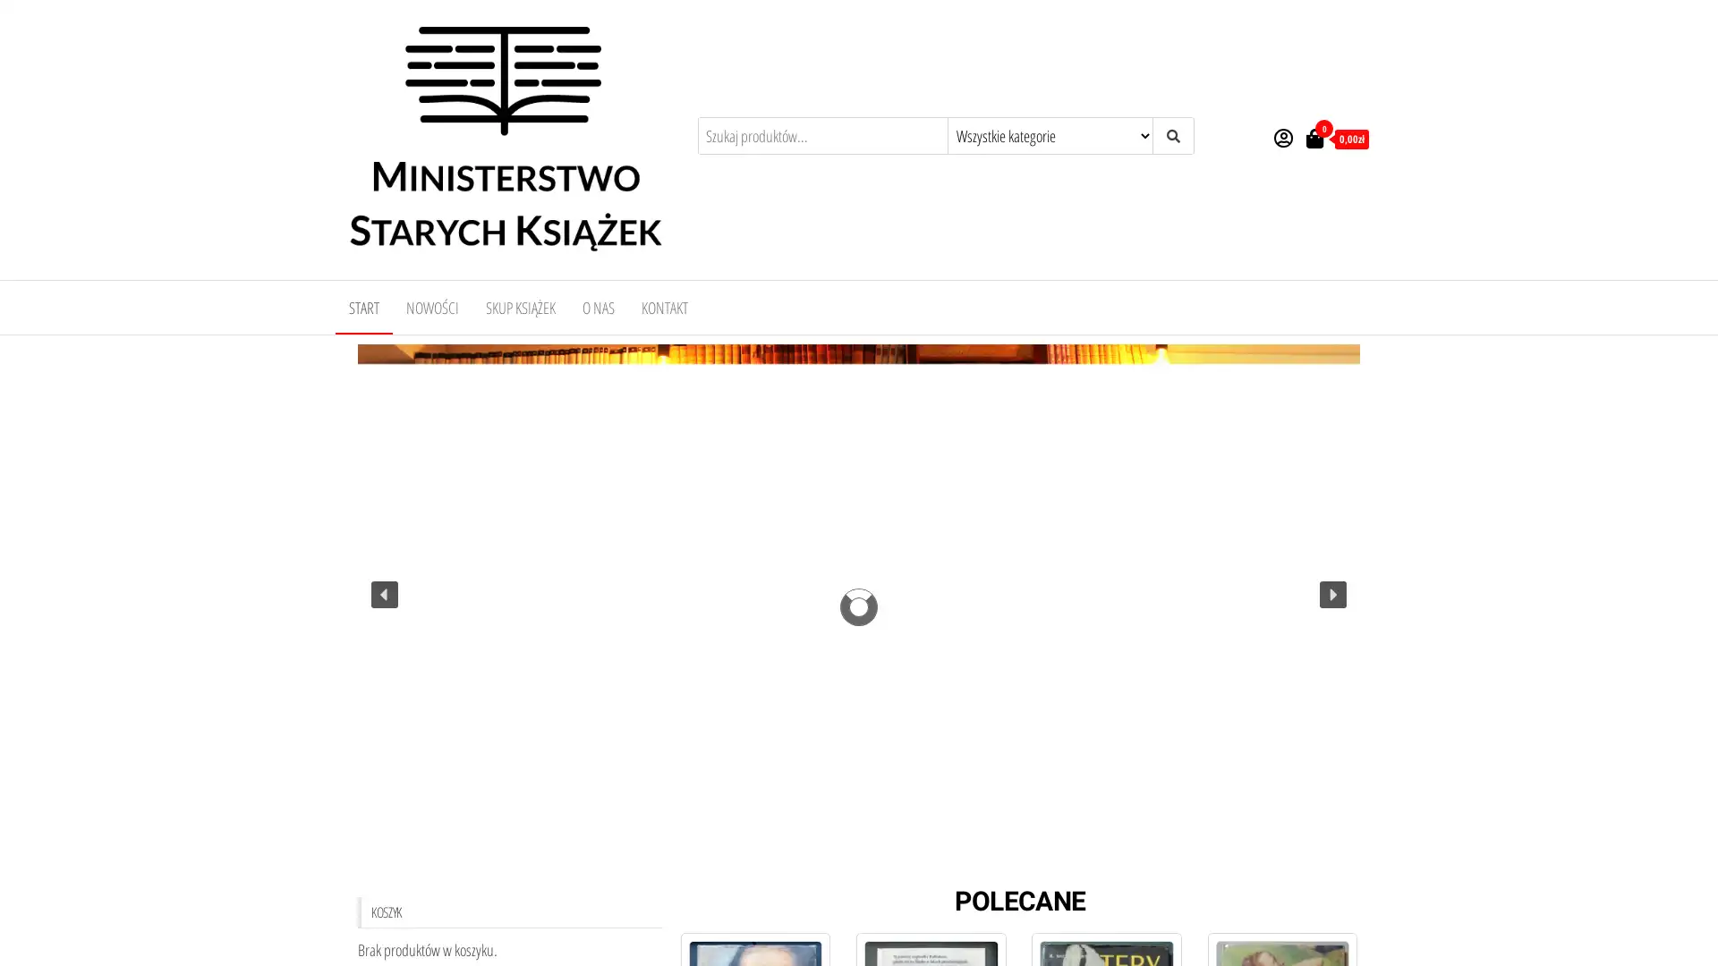 The width and height of the screenshot is (1718, 966). I want to click on Skup, so click(859, 860).